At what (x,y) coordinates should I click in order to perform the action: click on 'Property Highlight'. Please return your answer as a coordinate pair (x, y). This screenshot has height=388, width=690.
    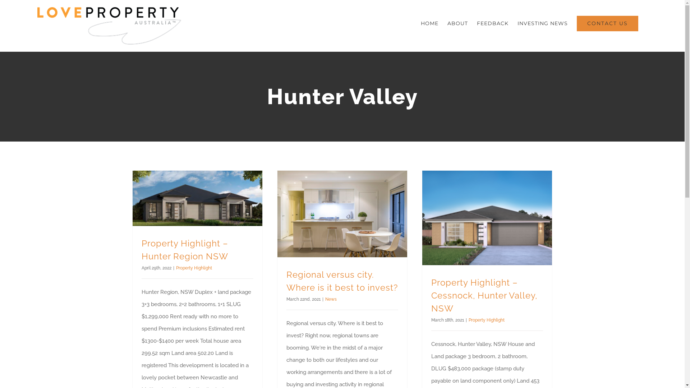
    Looking at the image, I should click on (176, 268).